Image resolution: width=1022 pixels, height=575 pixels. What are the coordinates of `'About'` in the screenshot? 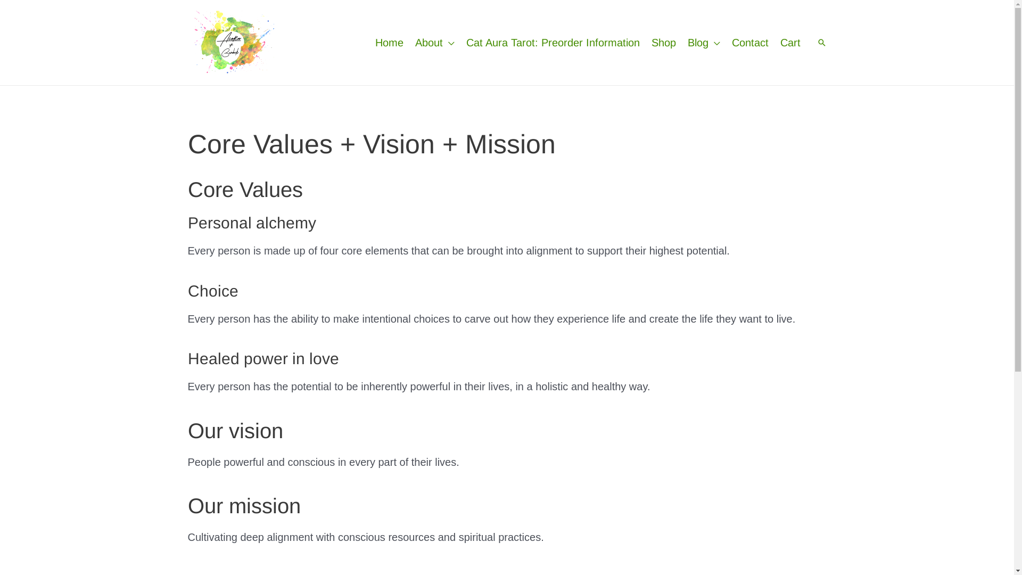 It's located at (434, 42).